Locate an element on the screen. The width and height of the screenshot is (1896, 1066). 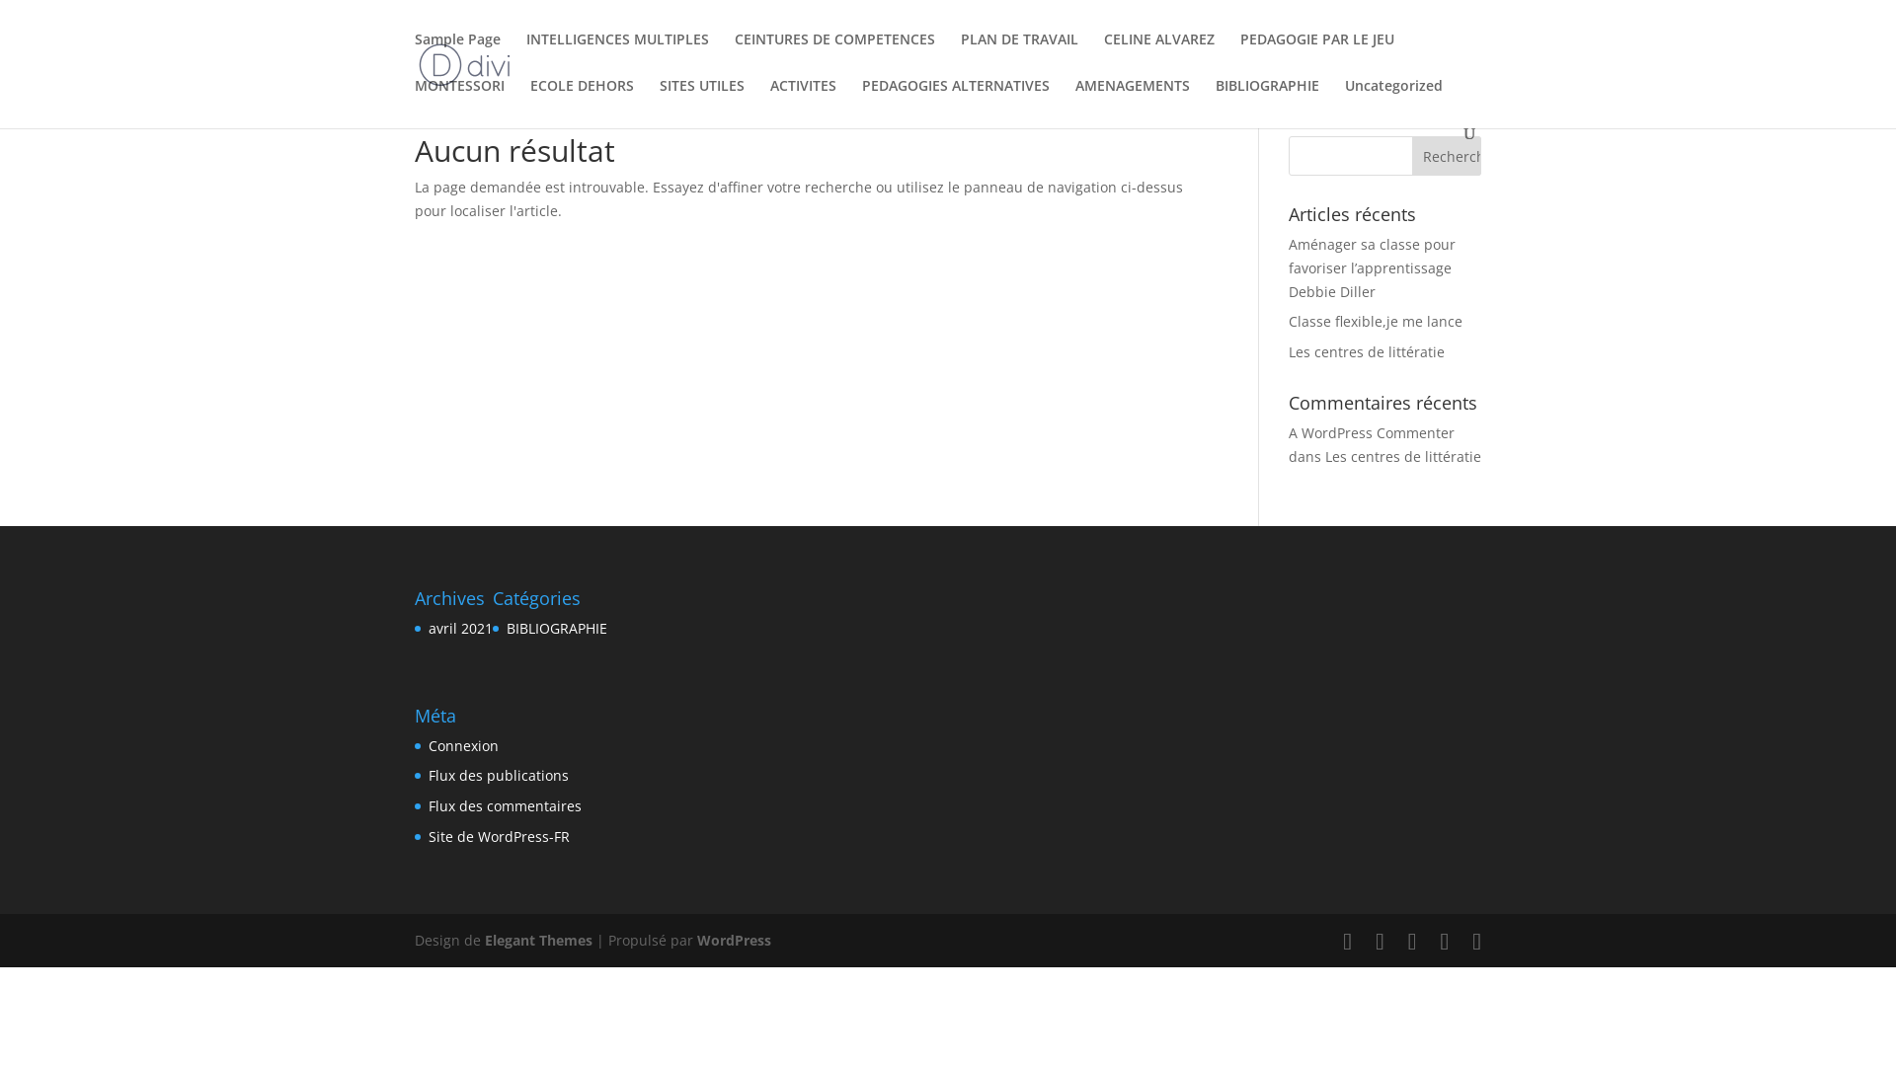
'A WordPress Commenter' is located at coordinates (1289, 431).